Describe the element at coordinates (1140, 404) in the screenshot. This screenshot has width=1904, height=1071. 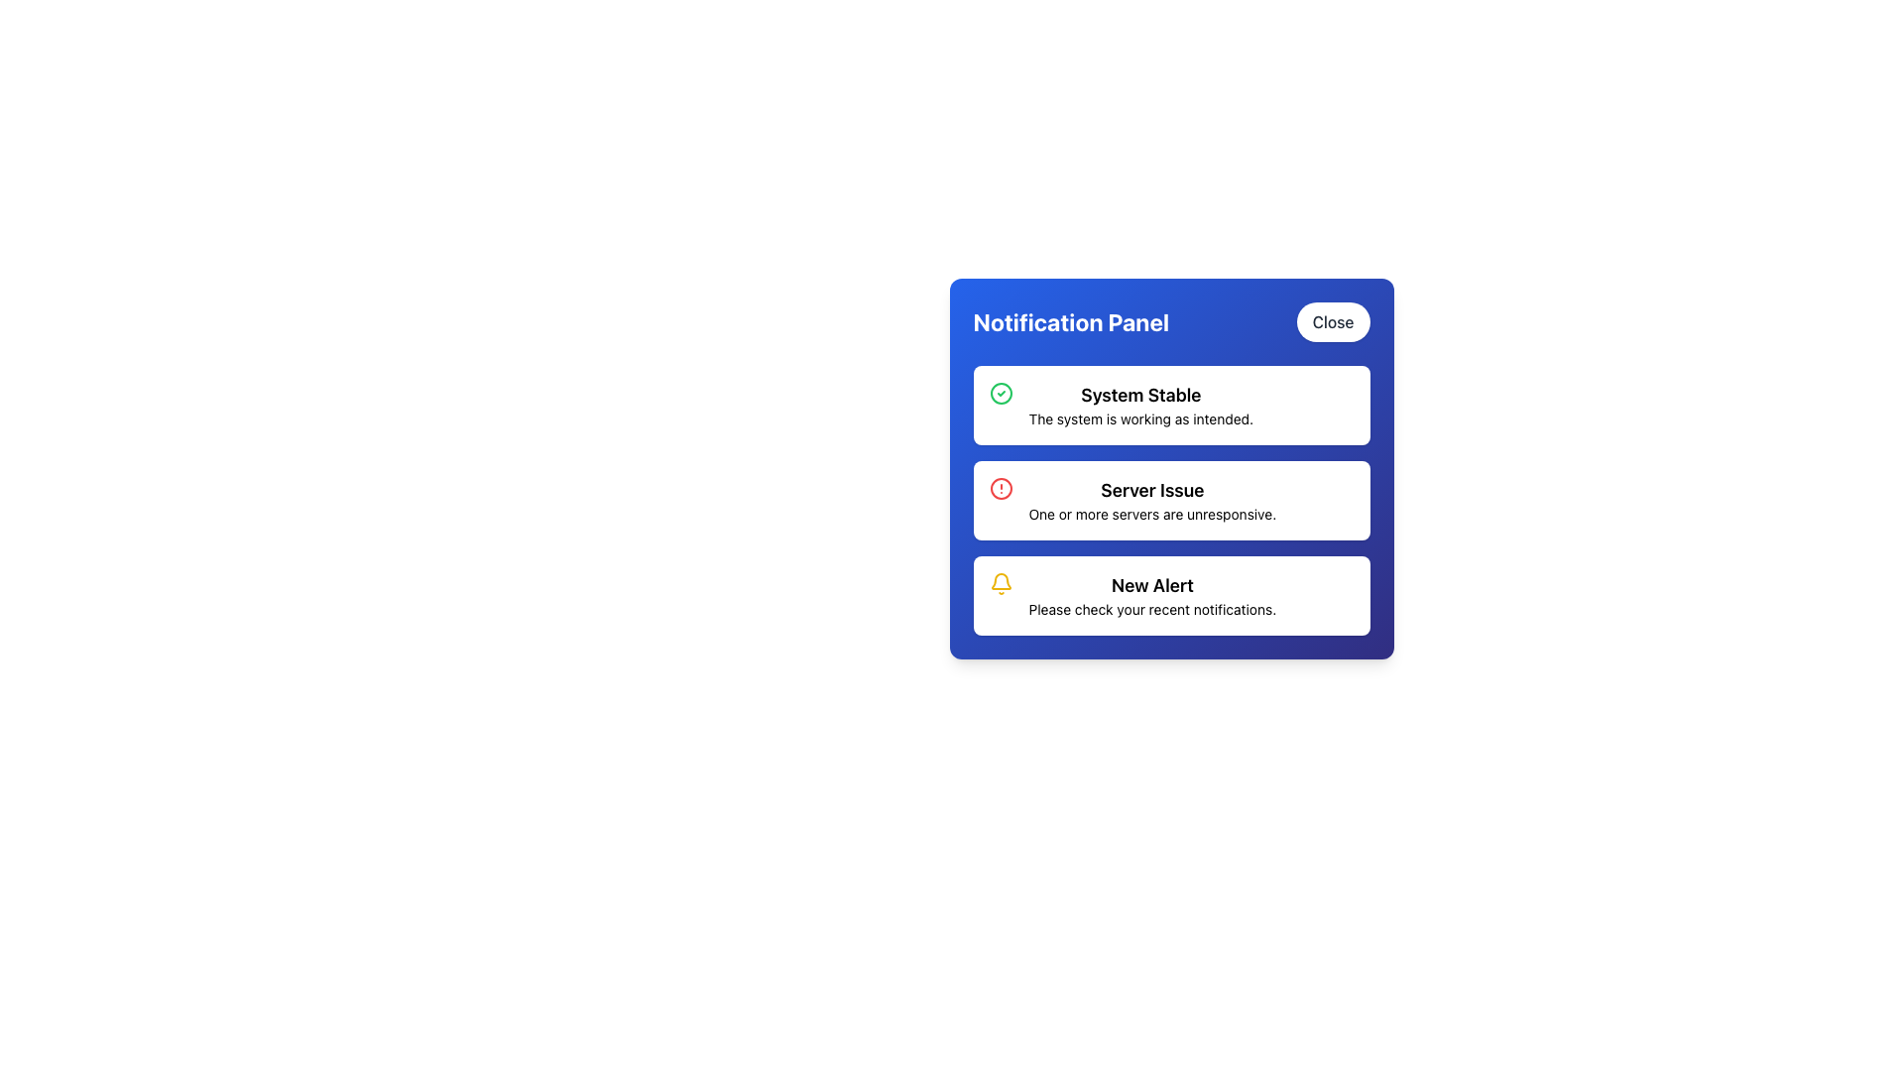
I see `status message displayed in the text block located in the upper-middle section of the blue 'Notification Panel', which indicates that the system is currently stable and functioning as intended` at that location.